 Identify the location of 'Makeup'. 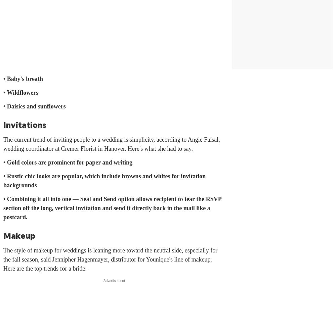
(19, 235).